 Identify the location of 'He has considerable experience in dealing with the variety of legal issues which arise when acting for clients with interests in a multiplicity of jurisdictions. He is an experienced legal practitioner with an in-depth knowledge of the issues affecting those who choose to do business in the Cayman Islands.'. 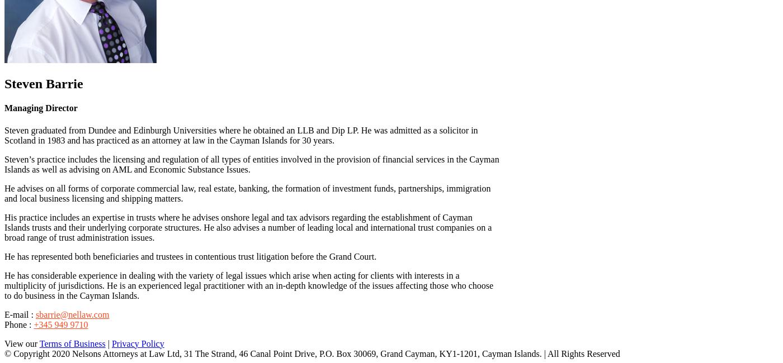
(249, 285).